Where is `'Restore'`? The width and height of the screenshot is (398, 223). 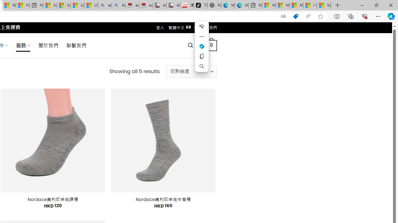
'Restore' is located at coordinates (376, 5).